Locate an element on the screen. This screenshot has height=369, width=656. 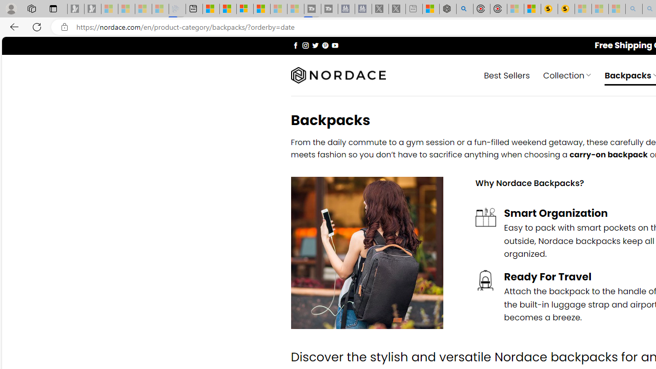
'Follow on Twitter' is located at coordinates (315, 45).